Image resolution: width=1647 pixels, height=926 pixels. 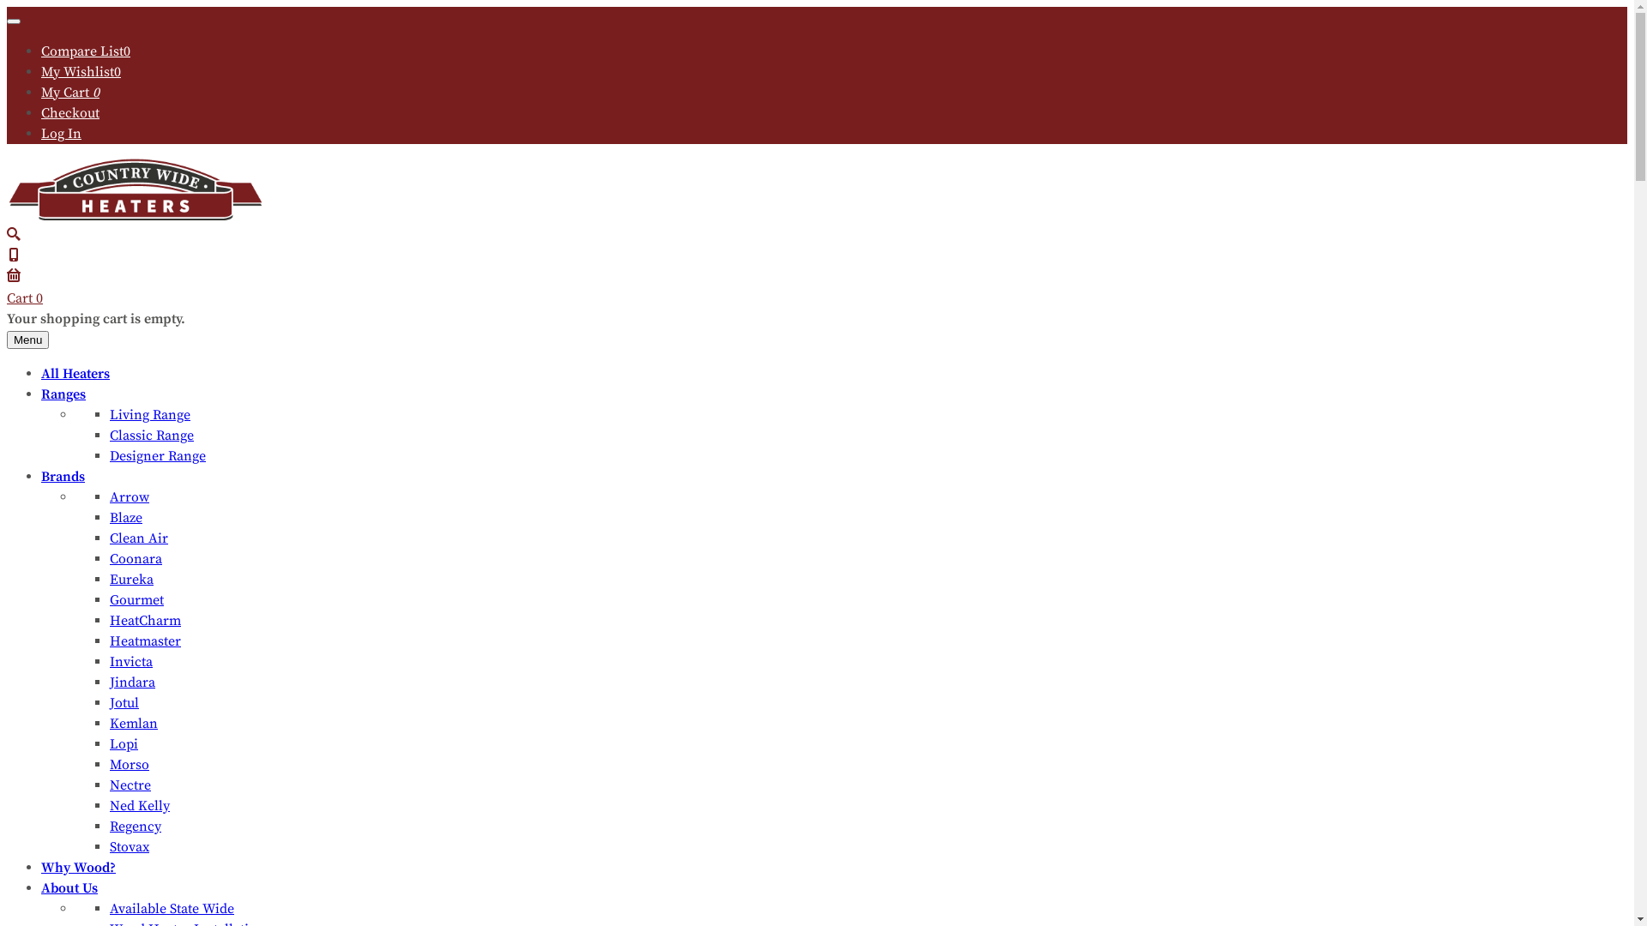 What do you see at coordinates (140, 806) in the screenshot?
I see `'Ned Kelly'` at bounding box center [140, 806].